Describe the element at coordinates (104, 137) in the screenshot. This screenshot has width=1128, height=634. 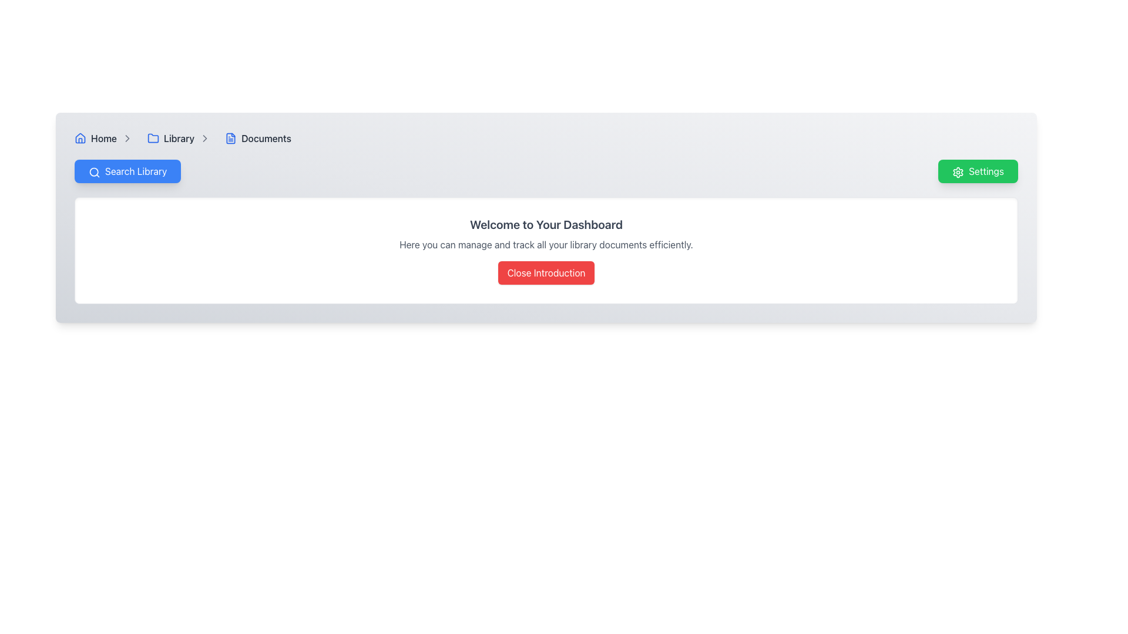
I see `the 'Home' text link in the breadcrumb navigation bar to change its color from gray to blue, indicating interactivity` at that location.